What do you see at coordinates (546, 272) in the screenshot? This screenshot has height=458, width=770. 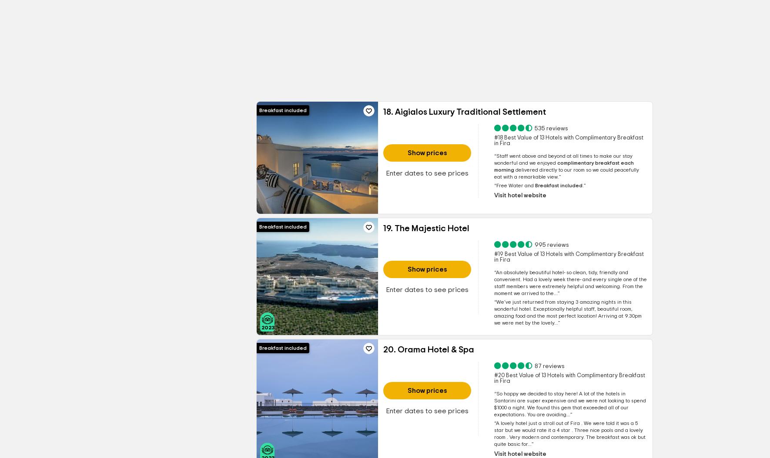 I see `'An absolutely beautiful hotel- so clean, tidy,'` at bounding box center [546, 272].